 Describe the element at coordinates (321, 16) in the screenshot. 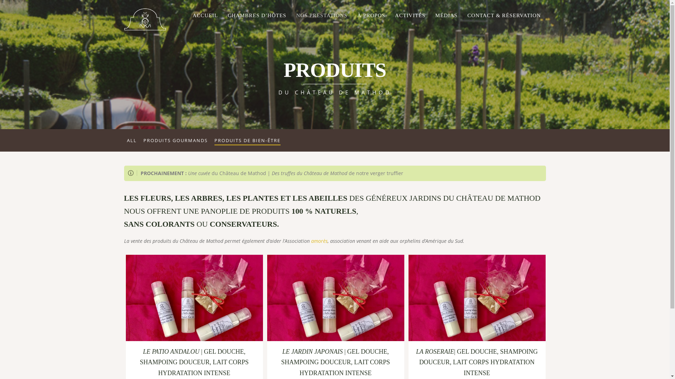

I see `'NOS PRESTATIONS'` at that location.